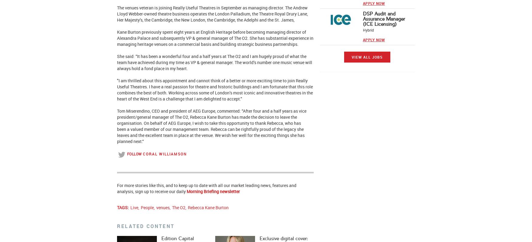  What do you see at coordinates (146, 226) in the screenshot?
I see `'Related Content'` at bounding box center [146, 226].